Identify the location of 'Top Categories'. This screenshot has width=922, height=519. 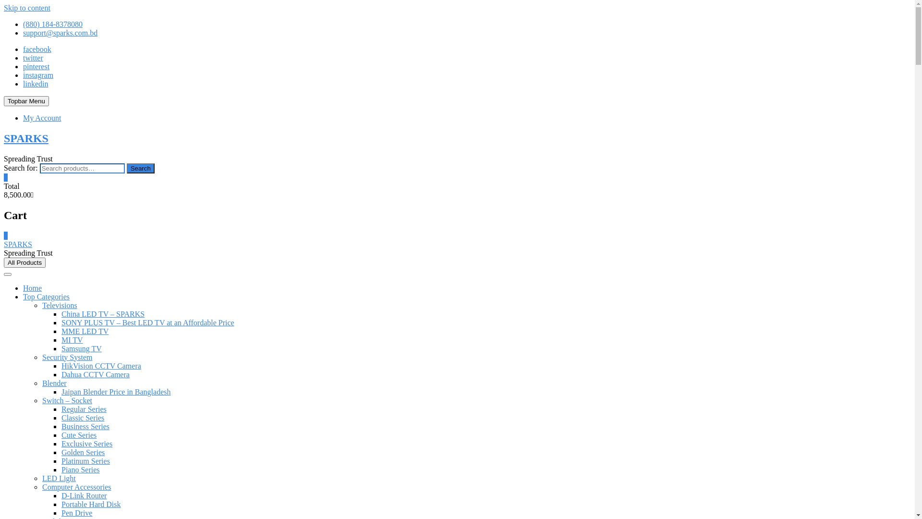
(46, 296).